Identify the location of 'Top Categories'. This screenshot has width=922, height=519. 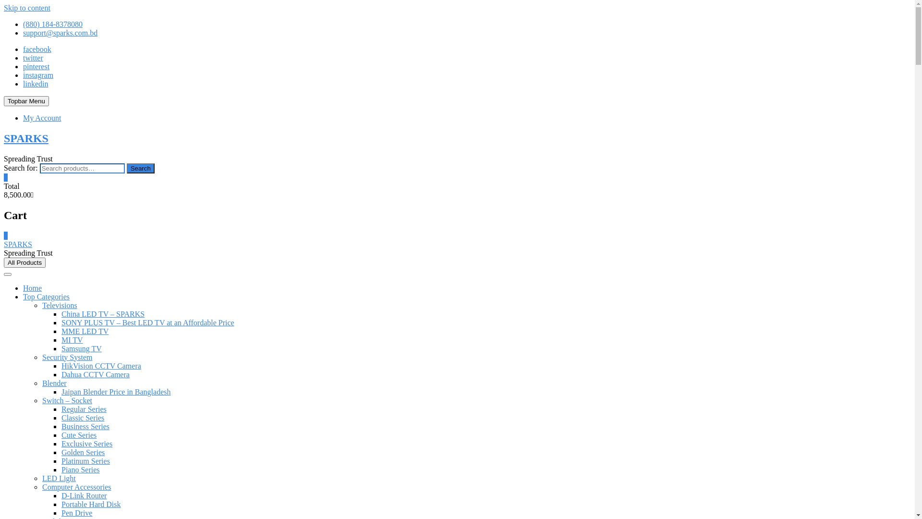
(46, 296).